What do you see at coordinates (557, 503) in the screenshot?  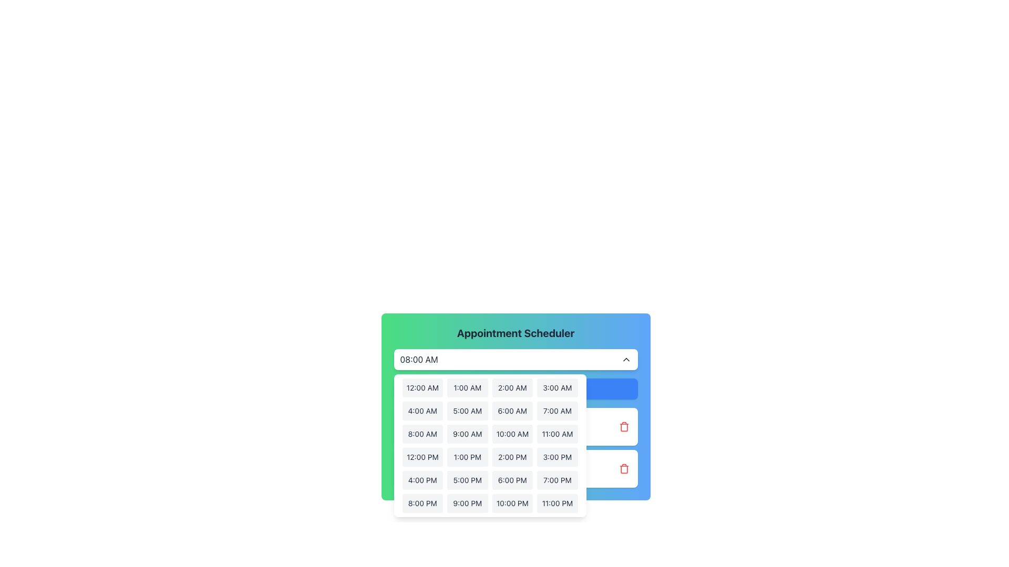 I see `the button labeled '11:00 PM' located at the bottom right corner of the grid layout in the 'Appointment Scheduler' section` at bounding box center [557, 503].